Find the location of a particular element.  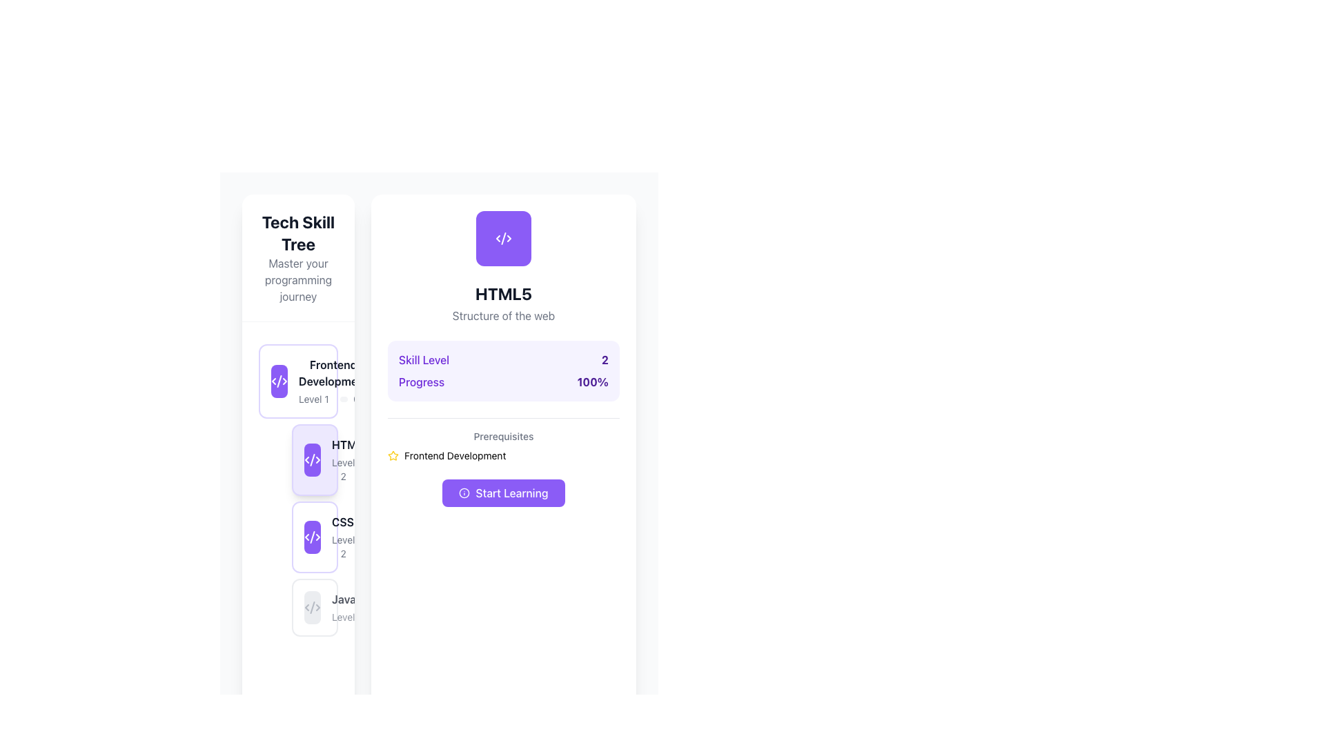

the icon representing angle brackets with a slash (</>) within the 'CSS Level 2' card in the left sidebar is located at coordinates (311, 537).